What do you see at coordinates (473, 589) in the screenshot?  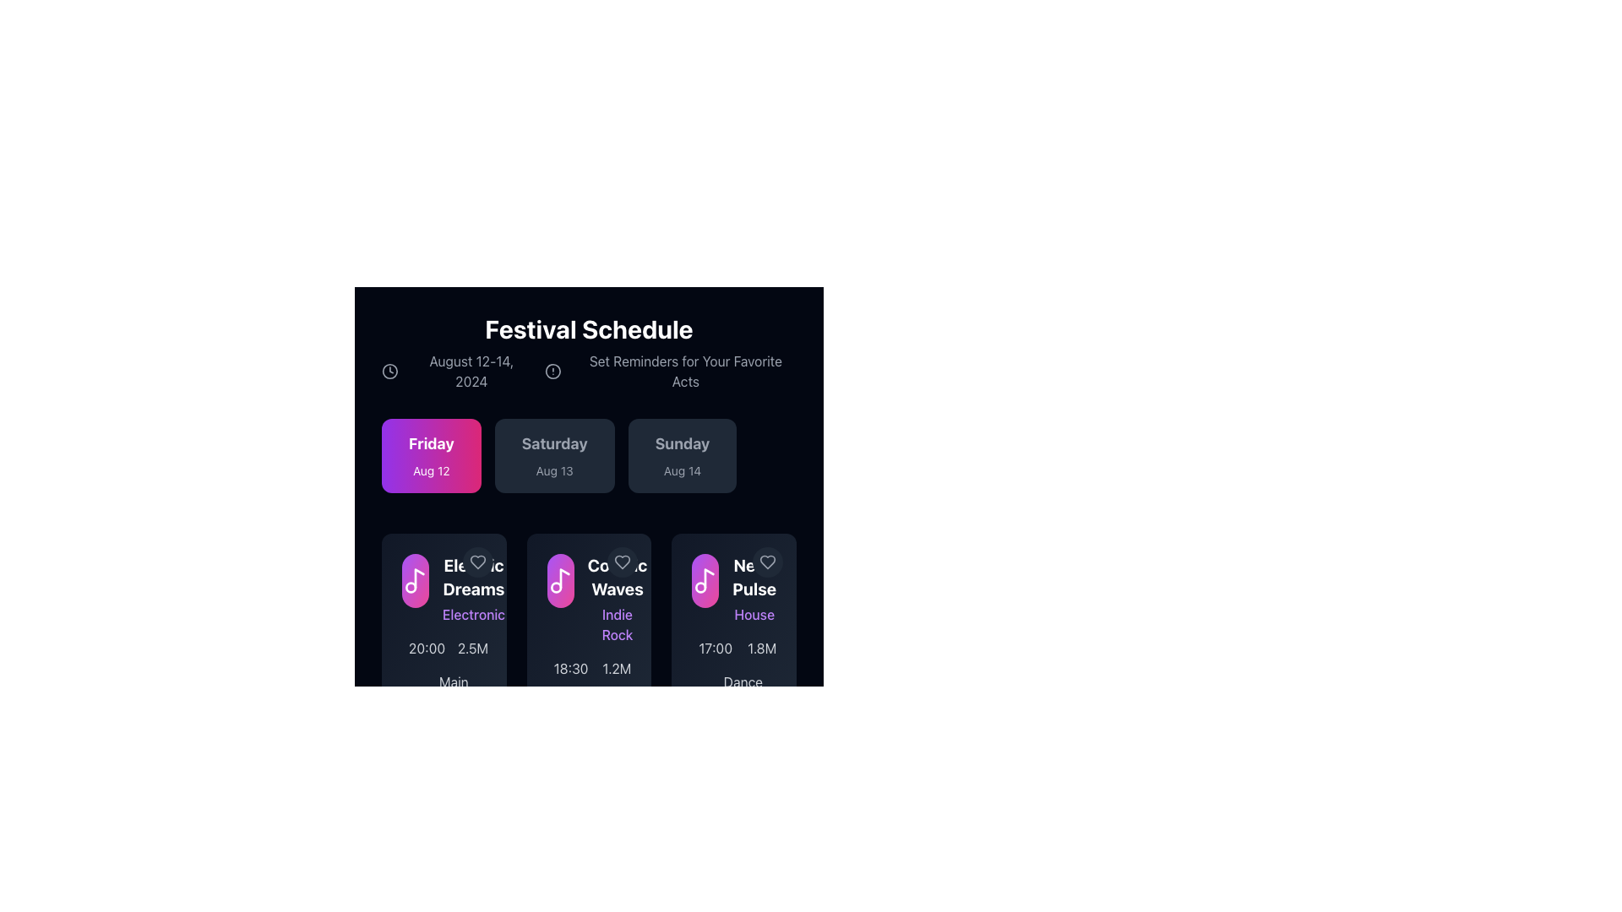 I see `the text label displaying the event name 'Electric Dreams' and its genre 'Electronic', which is located in the 'Friday, Aug 12' section of the Festival Schedule` at bounding box center [473, 589].